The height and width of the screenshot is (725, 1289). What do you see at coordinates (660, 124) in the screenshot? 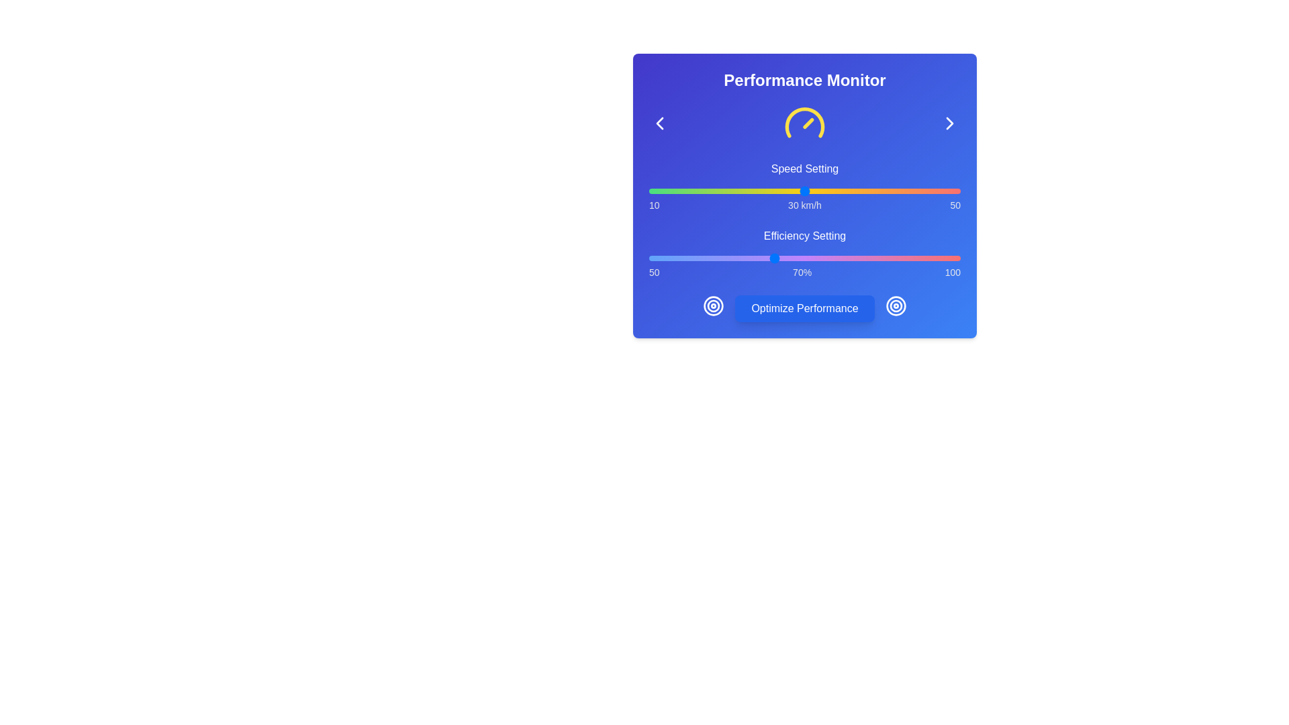
I see `the left-chevron button to navigate to the previous page` at bounding box center [660, 124].